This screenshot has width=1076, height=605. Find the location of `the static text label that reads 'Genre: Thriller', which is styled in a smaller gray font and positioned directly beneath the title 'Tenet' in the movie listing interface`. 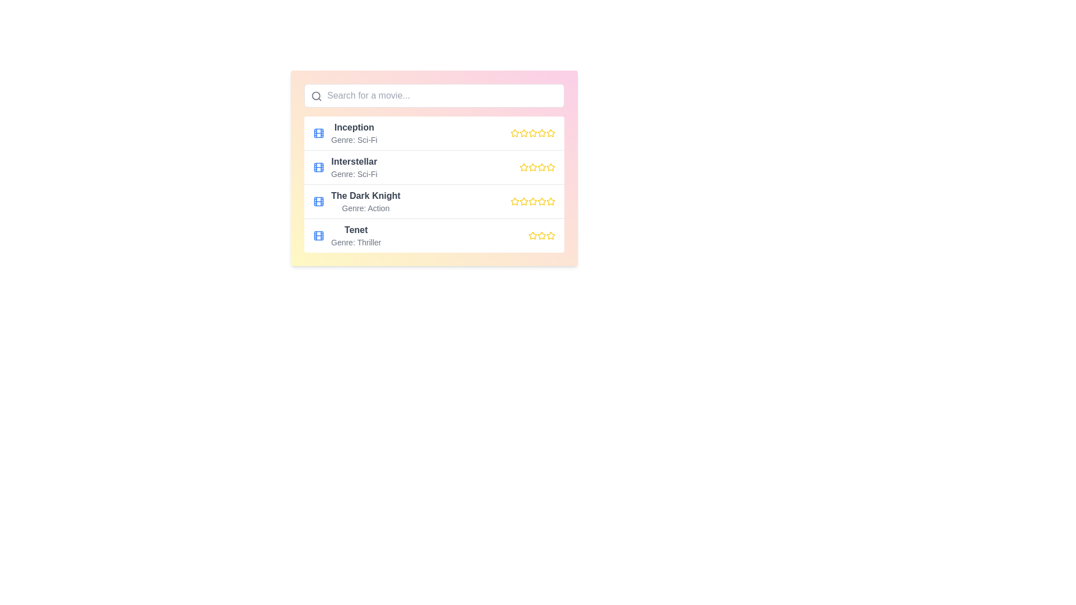

the static text label that reads 'Genre: Thriller', which is styled in a smaller gray font and positioned directly beneath the title 'Tenet' in the movie listing interface is located at coordinates (355, 241).